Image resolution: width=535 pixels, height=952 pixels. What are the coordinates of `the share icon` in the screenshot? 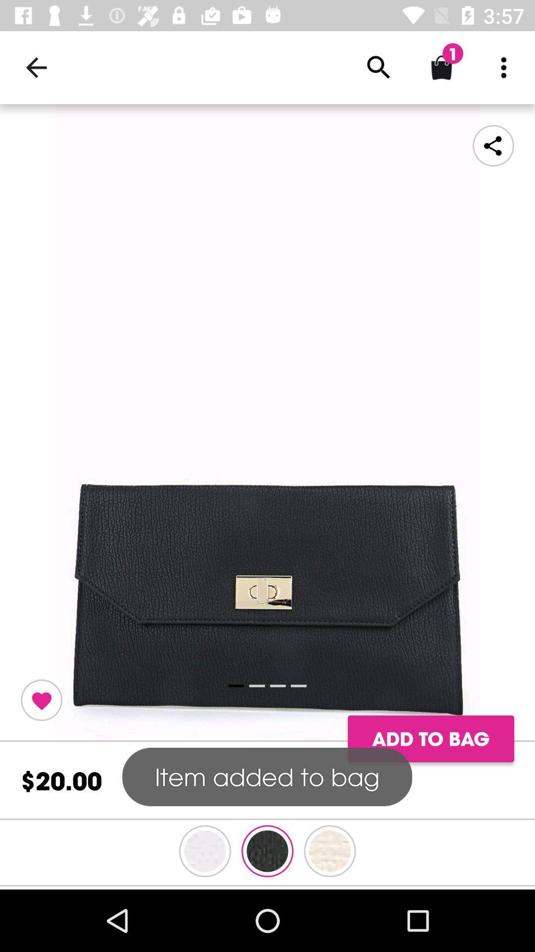 It's located at (493, 145).